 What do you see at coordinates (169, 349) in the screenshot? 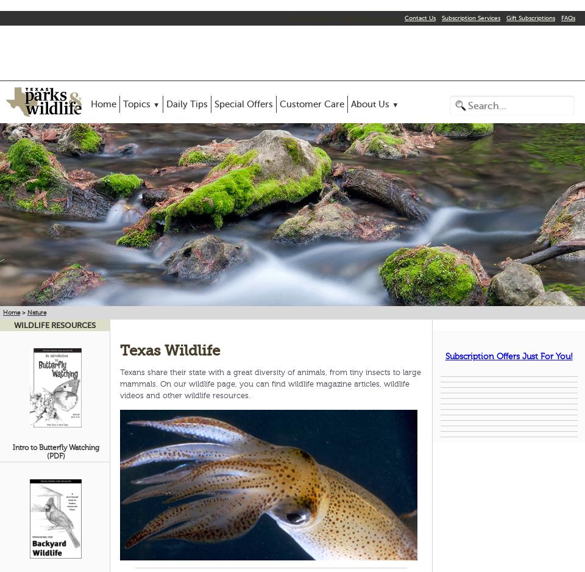
I see `'Texas wildlife'` at bounding box center [169, 349].